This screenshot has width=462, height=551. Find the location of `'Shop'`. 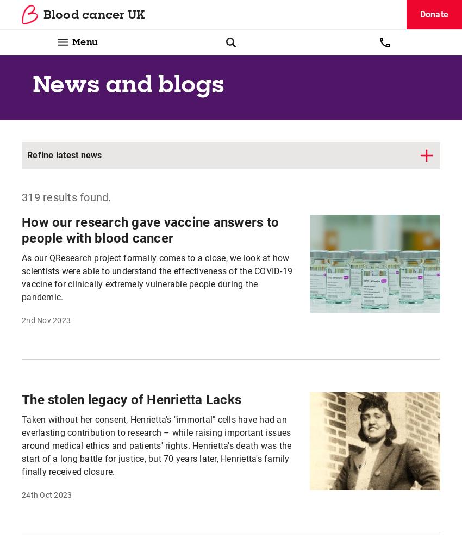

'Shop' is located at coordinates (257, 544).